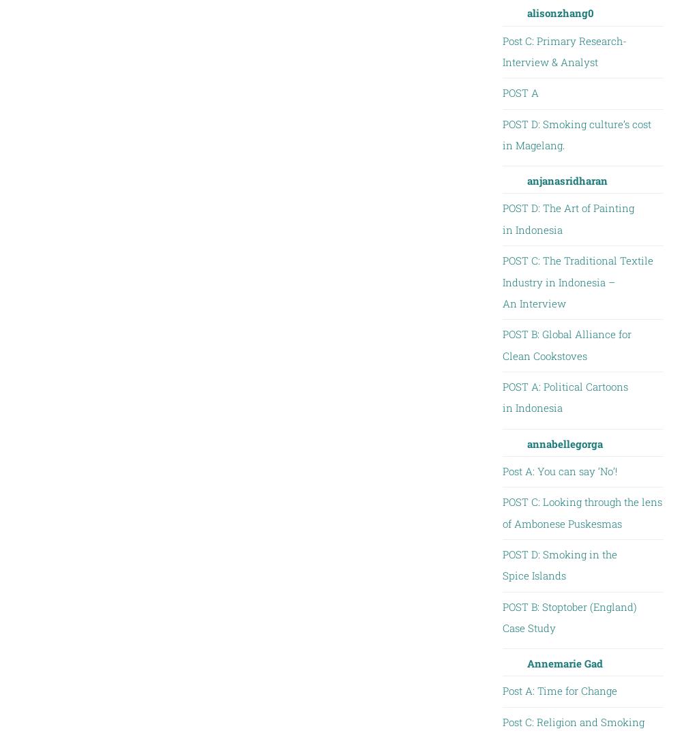 The width and height of the screenshot is (682, 735). Describe the element at coordinates (563, 50) in the screenshot. I see `'Post C: Primary Research-Interview & Analyst'` at that location.